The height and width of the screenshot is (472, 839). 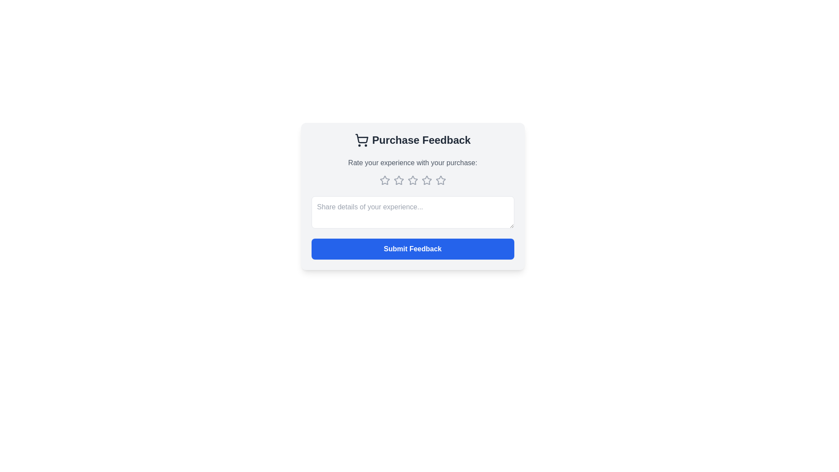 What do you see at coordinates (412, 139) in the screenshot?
I see `the header element displaying 'Purchase Feedback' with a shopping cart icon, located at the top of the card layout` at bounding box center [412, 139].